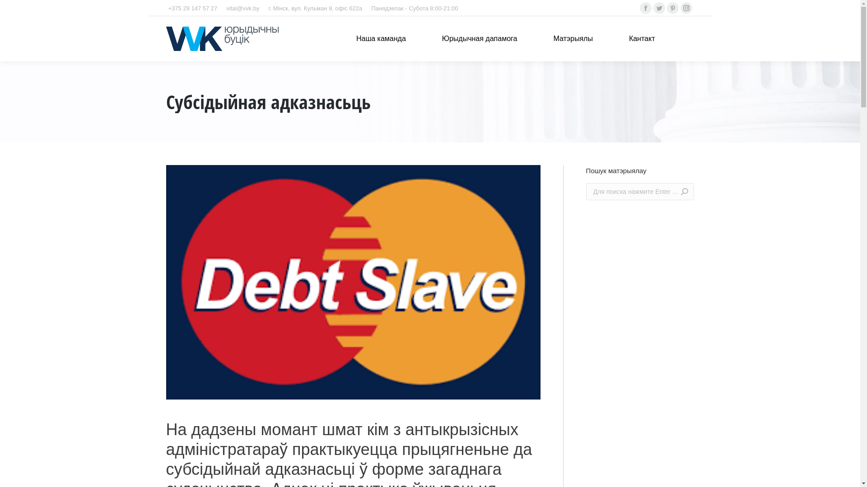  Describe the element at coordinates (672, 8) in the screenshot. I see `'Pinterest'` at that location.